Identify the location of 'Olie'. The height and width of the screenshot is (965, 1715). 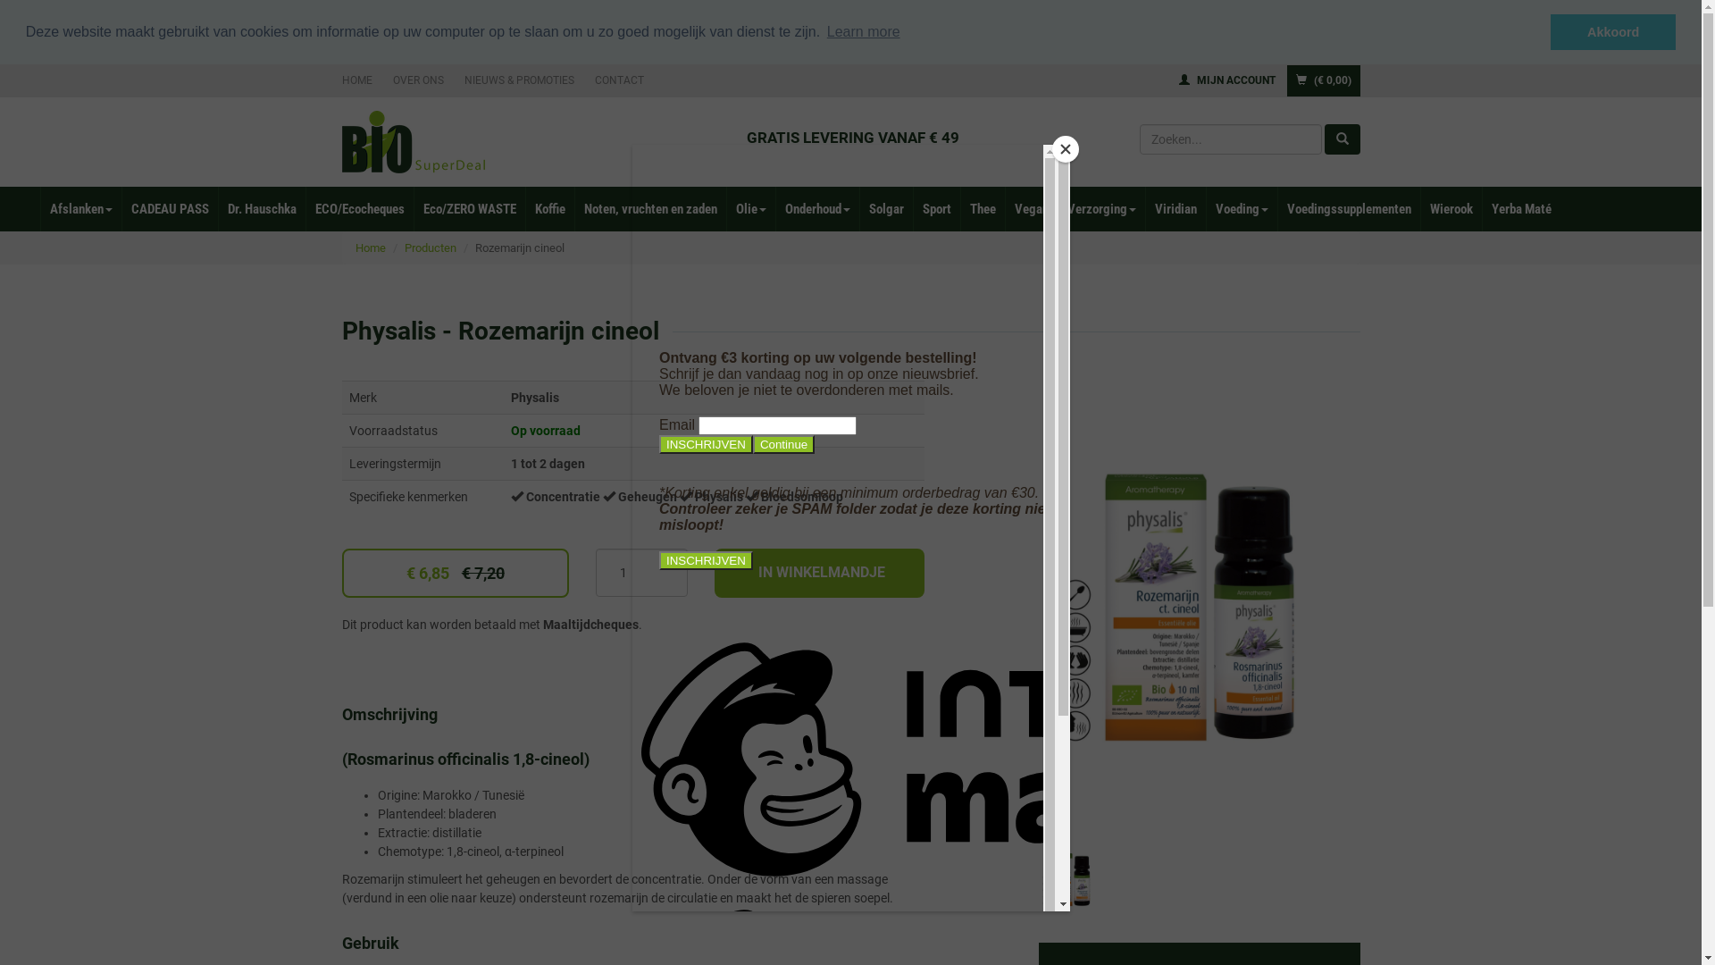
(725, 206).